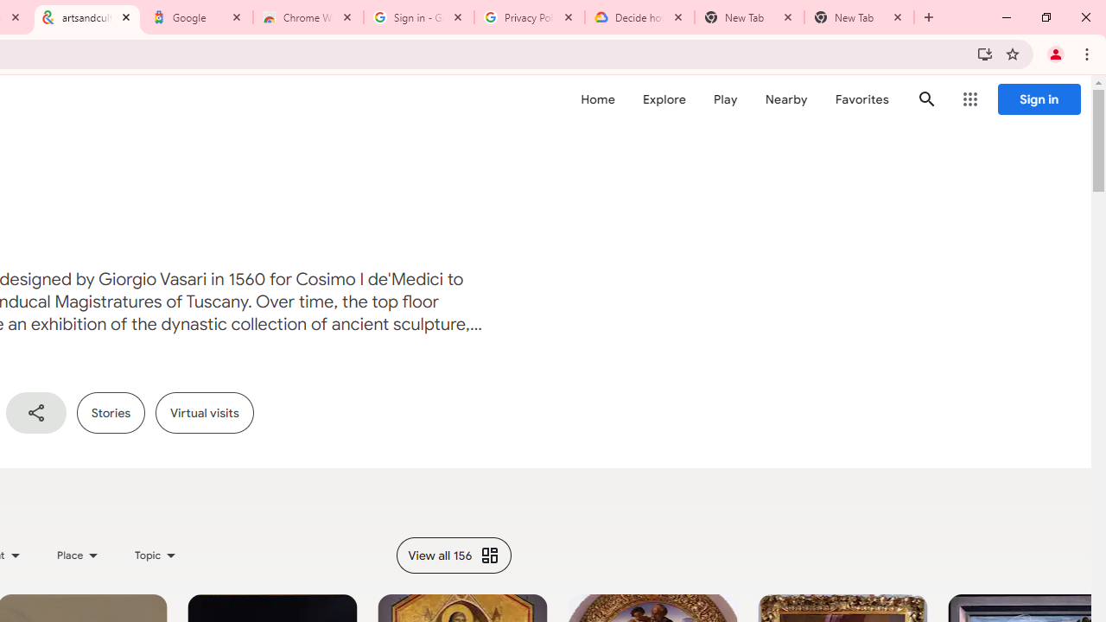 The height and width of the screenshot is (622, 1106). Describe the element at coordinates (984, 53) in the screenshot. I see `'Install Google Arts & Culture'` at that location.